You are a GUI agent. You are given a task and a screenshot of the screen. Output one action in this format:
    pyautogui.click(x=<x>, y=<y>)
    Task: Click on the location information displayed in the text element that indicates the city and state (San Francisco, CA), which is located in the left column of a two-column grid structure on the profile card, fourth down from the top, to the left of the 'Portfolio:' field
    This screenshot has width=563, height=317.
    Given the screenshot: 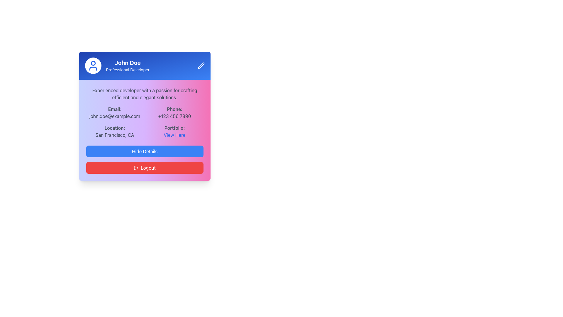 What is the action you would take?
    pyautogui.click(x=115, y=131)
    